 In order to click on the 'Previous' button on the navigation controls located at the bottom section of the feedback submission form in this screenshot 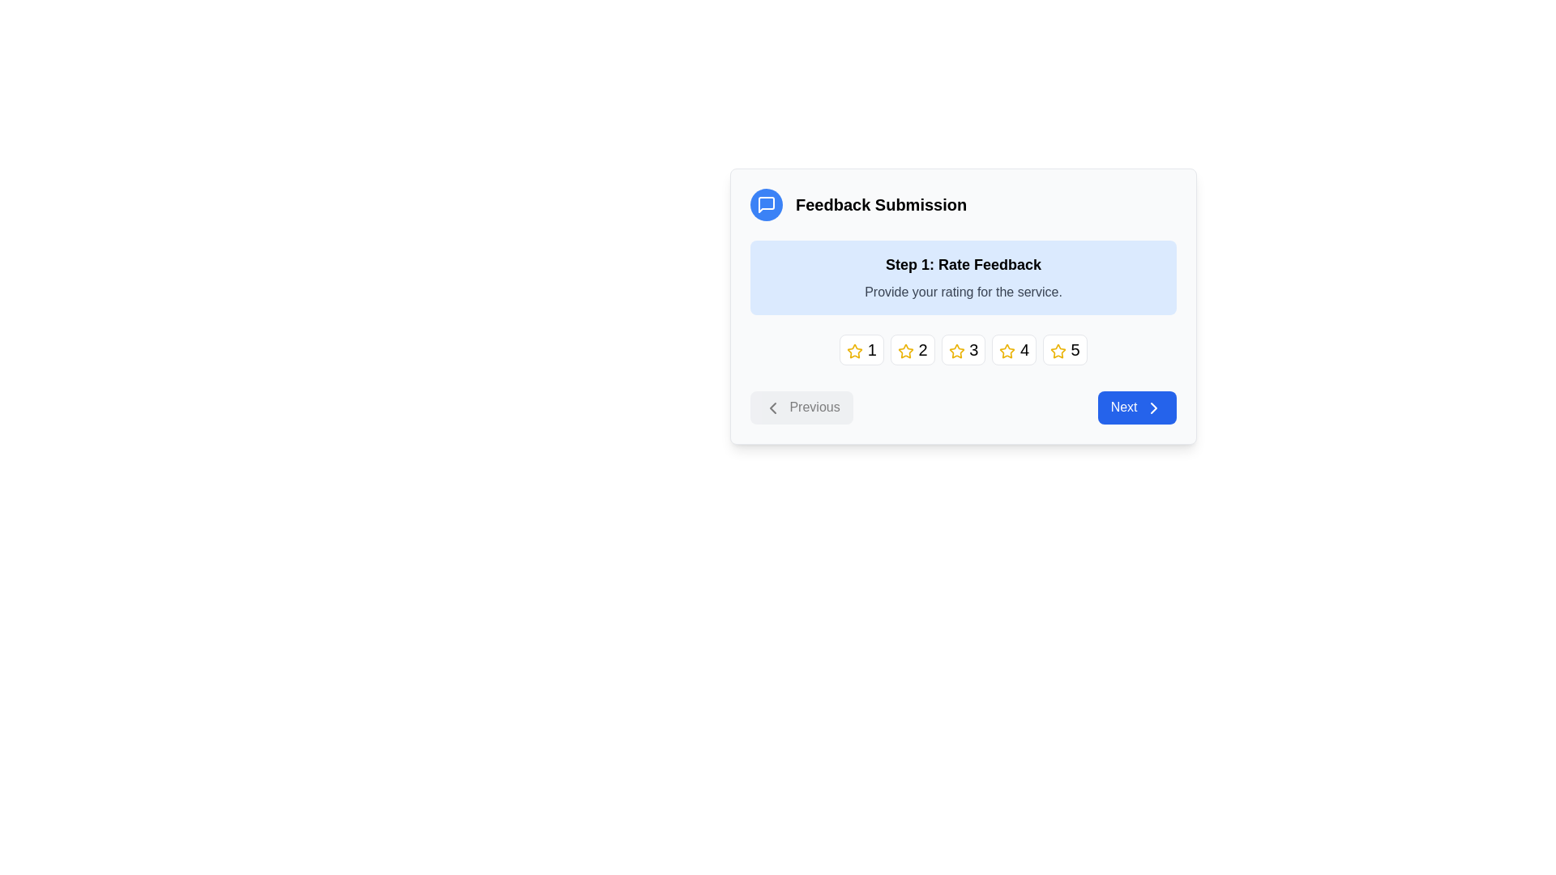, I will do `click(964, 406)`.